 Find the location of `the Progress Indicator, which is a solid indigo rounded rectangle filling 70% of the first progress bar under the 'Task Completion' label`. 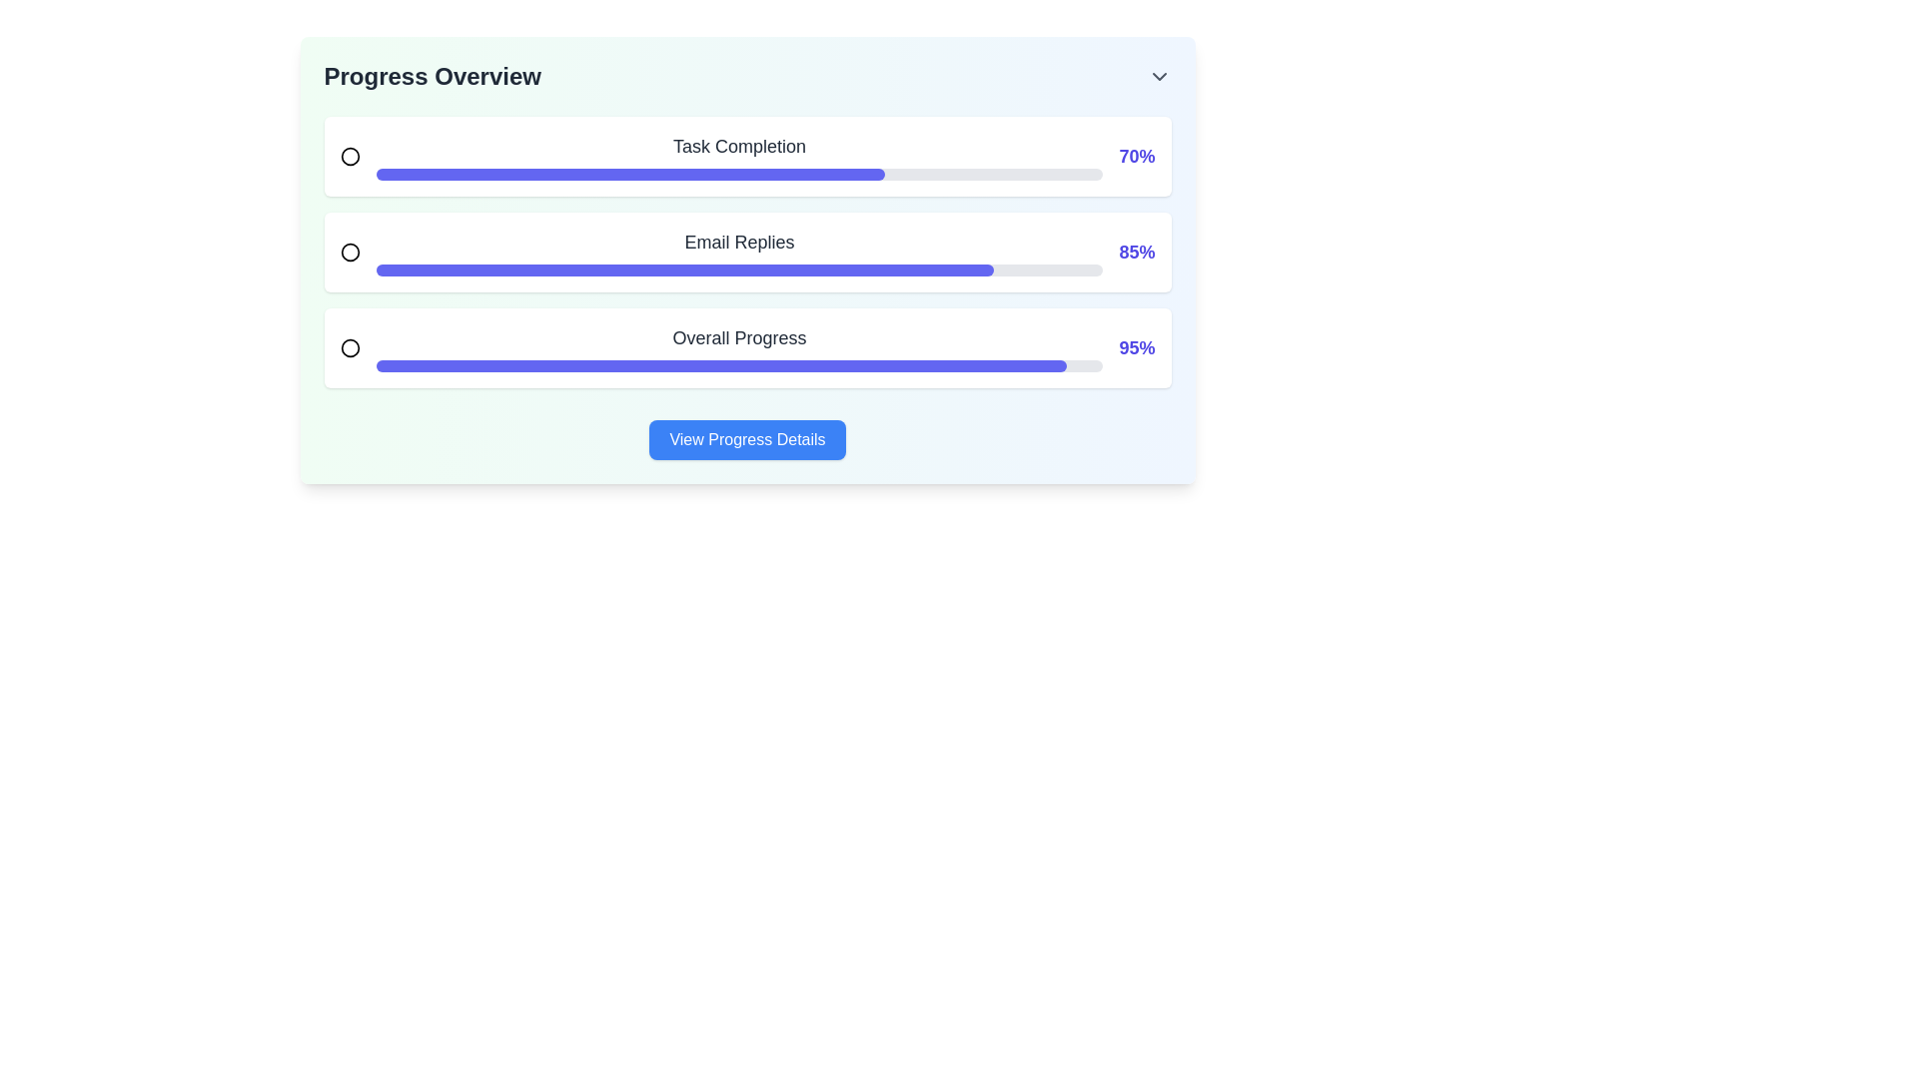

the Progress Indicator, which is a solid indigo rounded rectangle filling 70% of the first progress bar under the 'Task Completion' label is located at coordinates (629, 173).